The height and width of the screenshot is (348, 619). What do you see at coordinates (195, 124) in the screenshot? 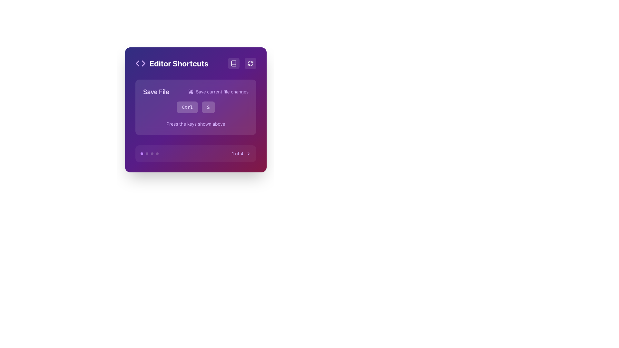
I see `the static text label that reads 'Press the keys shown above', which is styled in a small purple font and located below the 'Ctrl S' keyboard shortcut indicators` at bounding box center [195, 124].